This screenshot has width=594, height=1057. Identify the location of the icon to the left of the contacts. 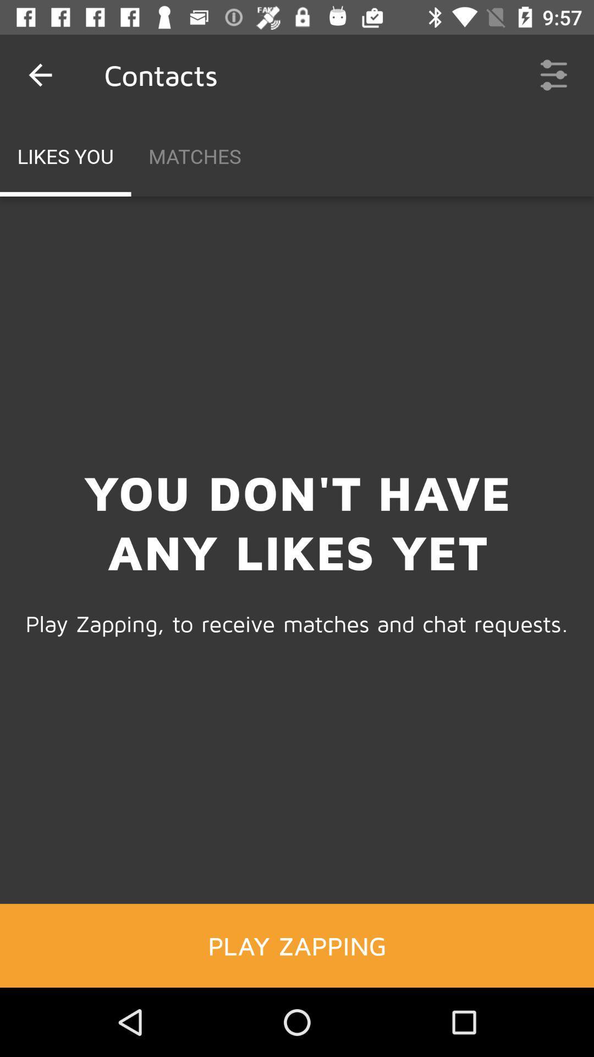
(40, 74).